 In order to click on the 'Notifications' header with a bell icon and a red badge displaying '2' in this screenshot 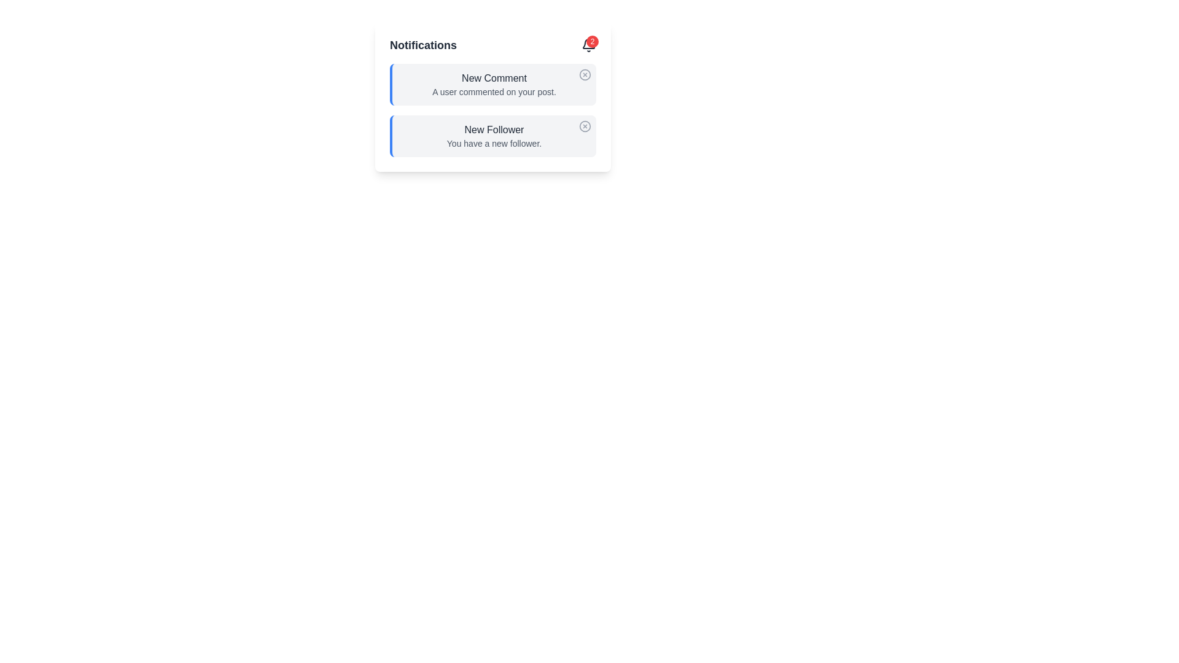, I will do `click(492, 44)`.